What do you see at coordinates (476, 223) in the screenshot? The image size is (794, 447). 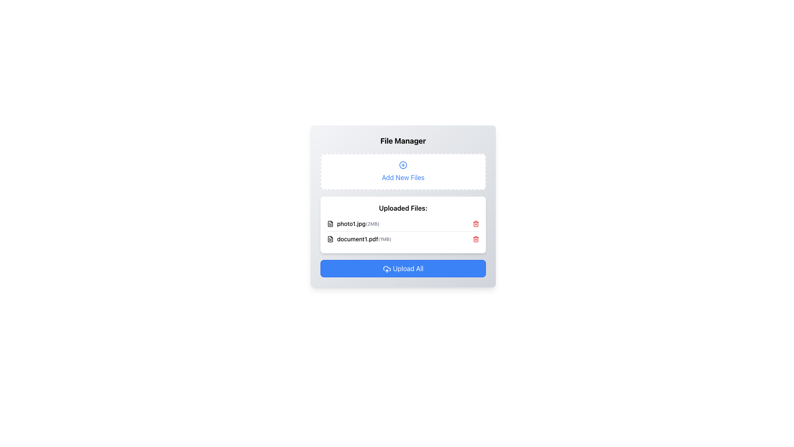 I see `the red trashcan icon located in the 'Uploaded Files' section next to the filename 'photo1.jpg'` at bounding box center [476, 223].